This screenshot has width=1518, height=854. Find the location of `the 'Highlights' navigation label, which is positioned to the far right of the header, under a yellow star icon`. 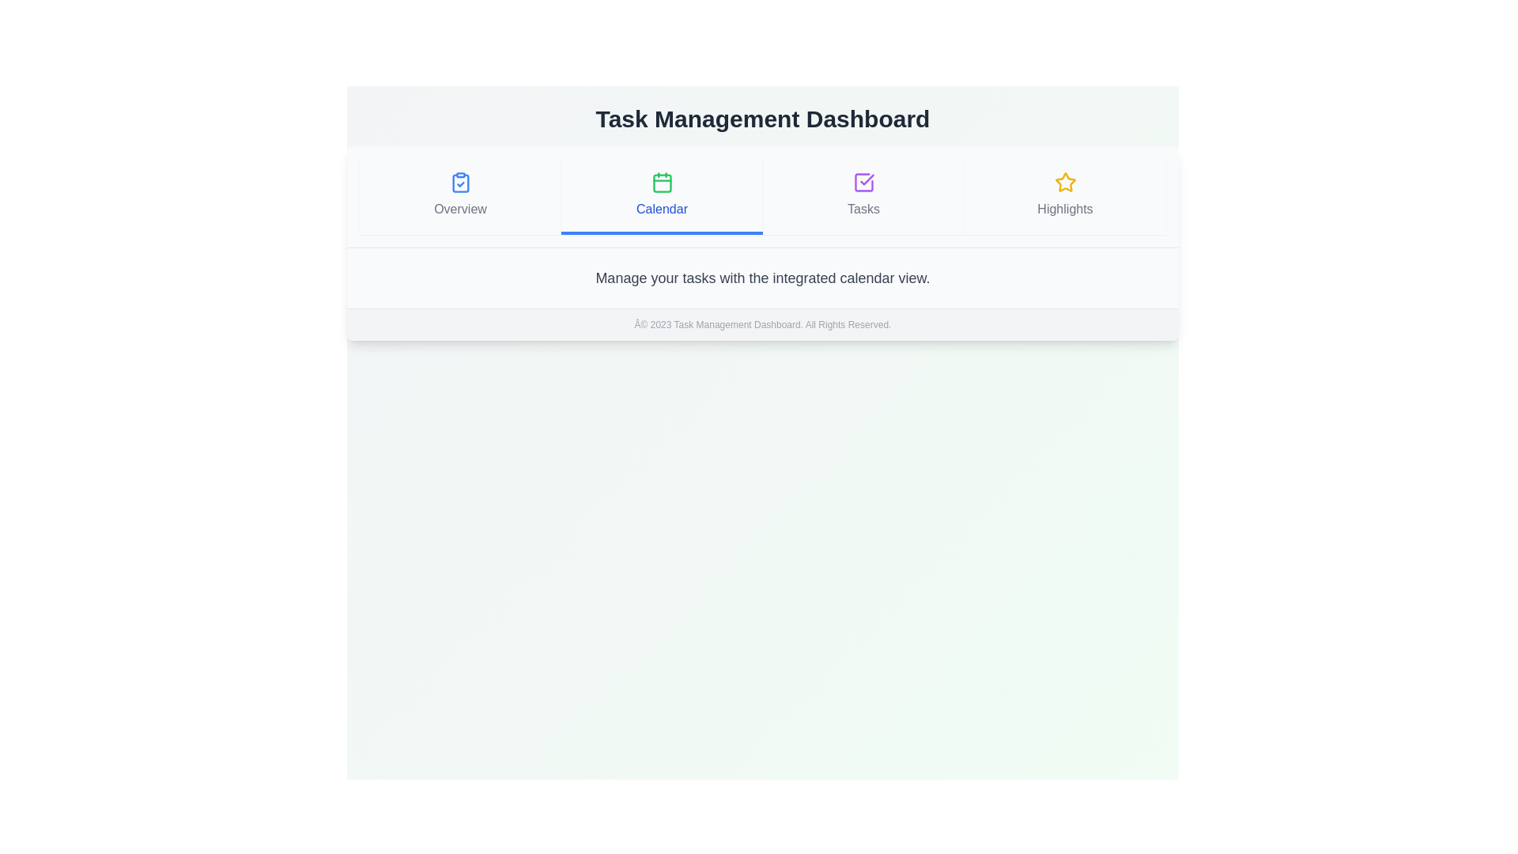

the 'Highlights' navigation label, which is positioned to the far right of the header, under a yellow star icon is located at coordinates (1065, 209).